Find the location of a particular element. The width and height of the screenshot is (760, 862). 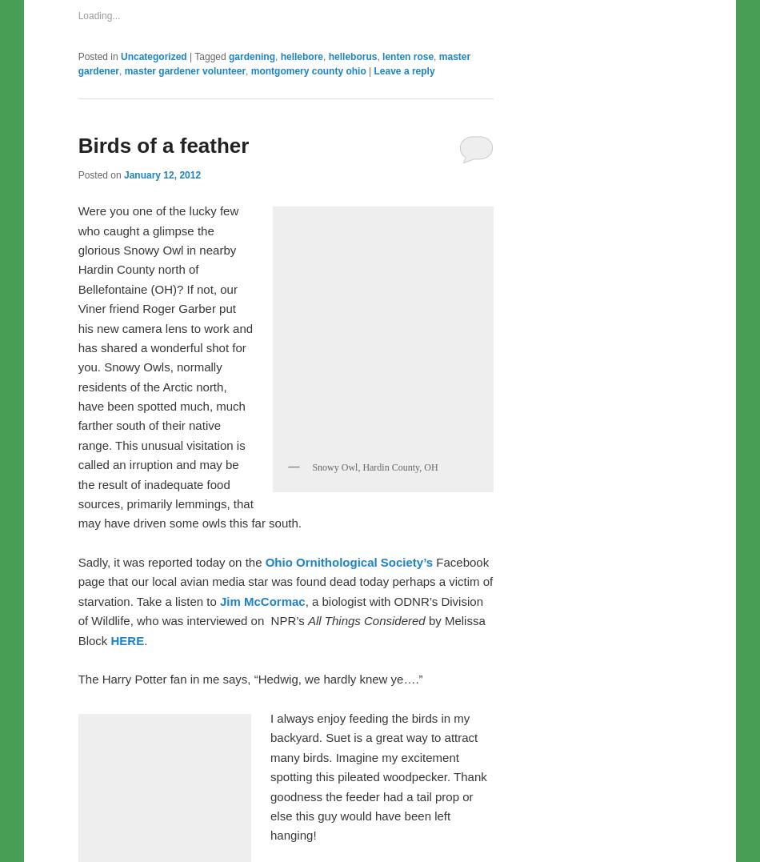

'Loading...' is located at coordinates (77, 350).